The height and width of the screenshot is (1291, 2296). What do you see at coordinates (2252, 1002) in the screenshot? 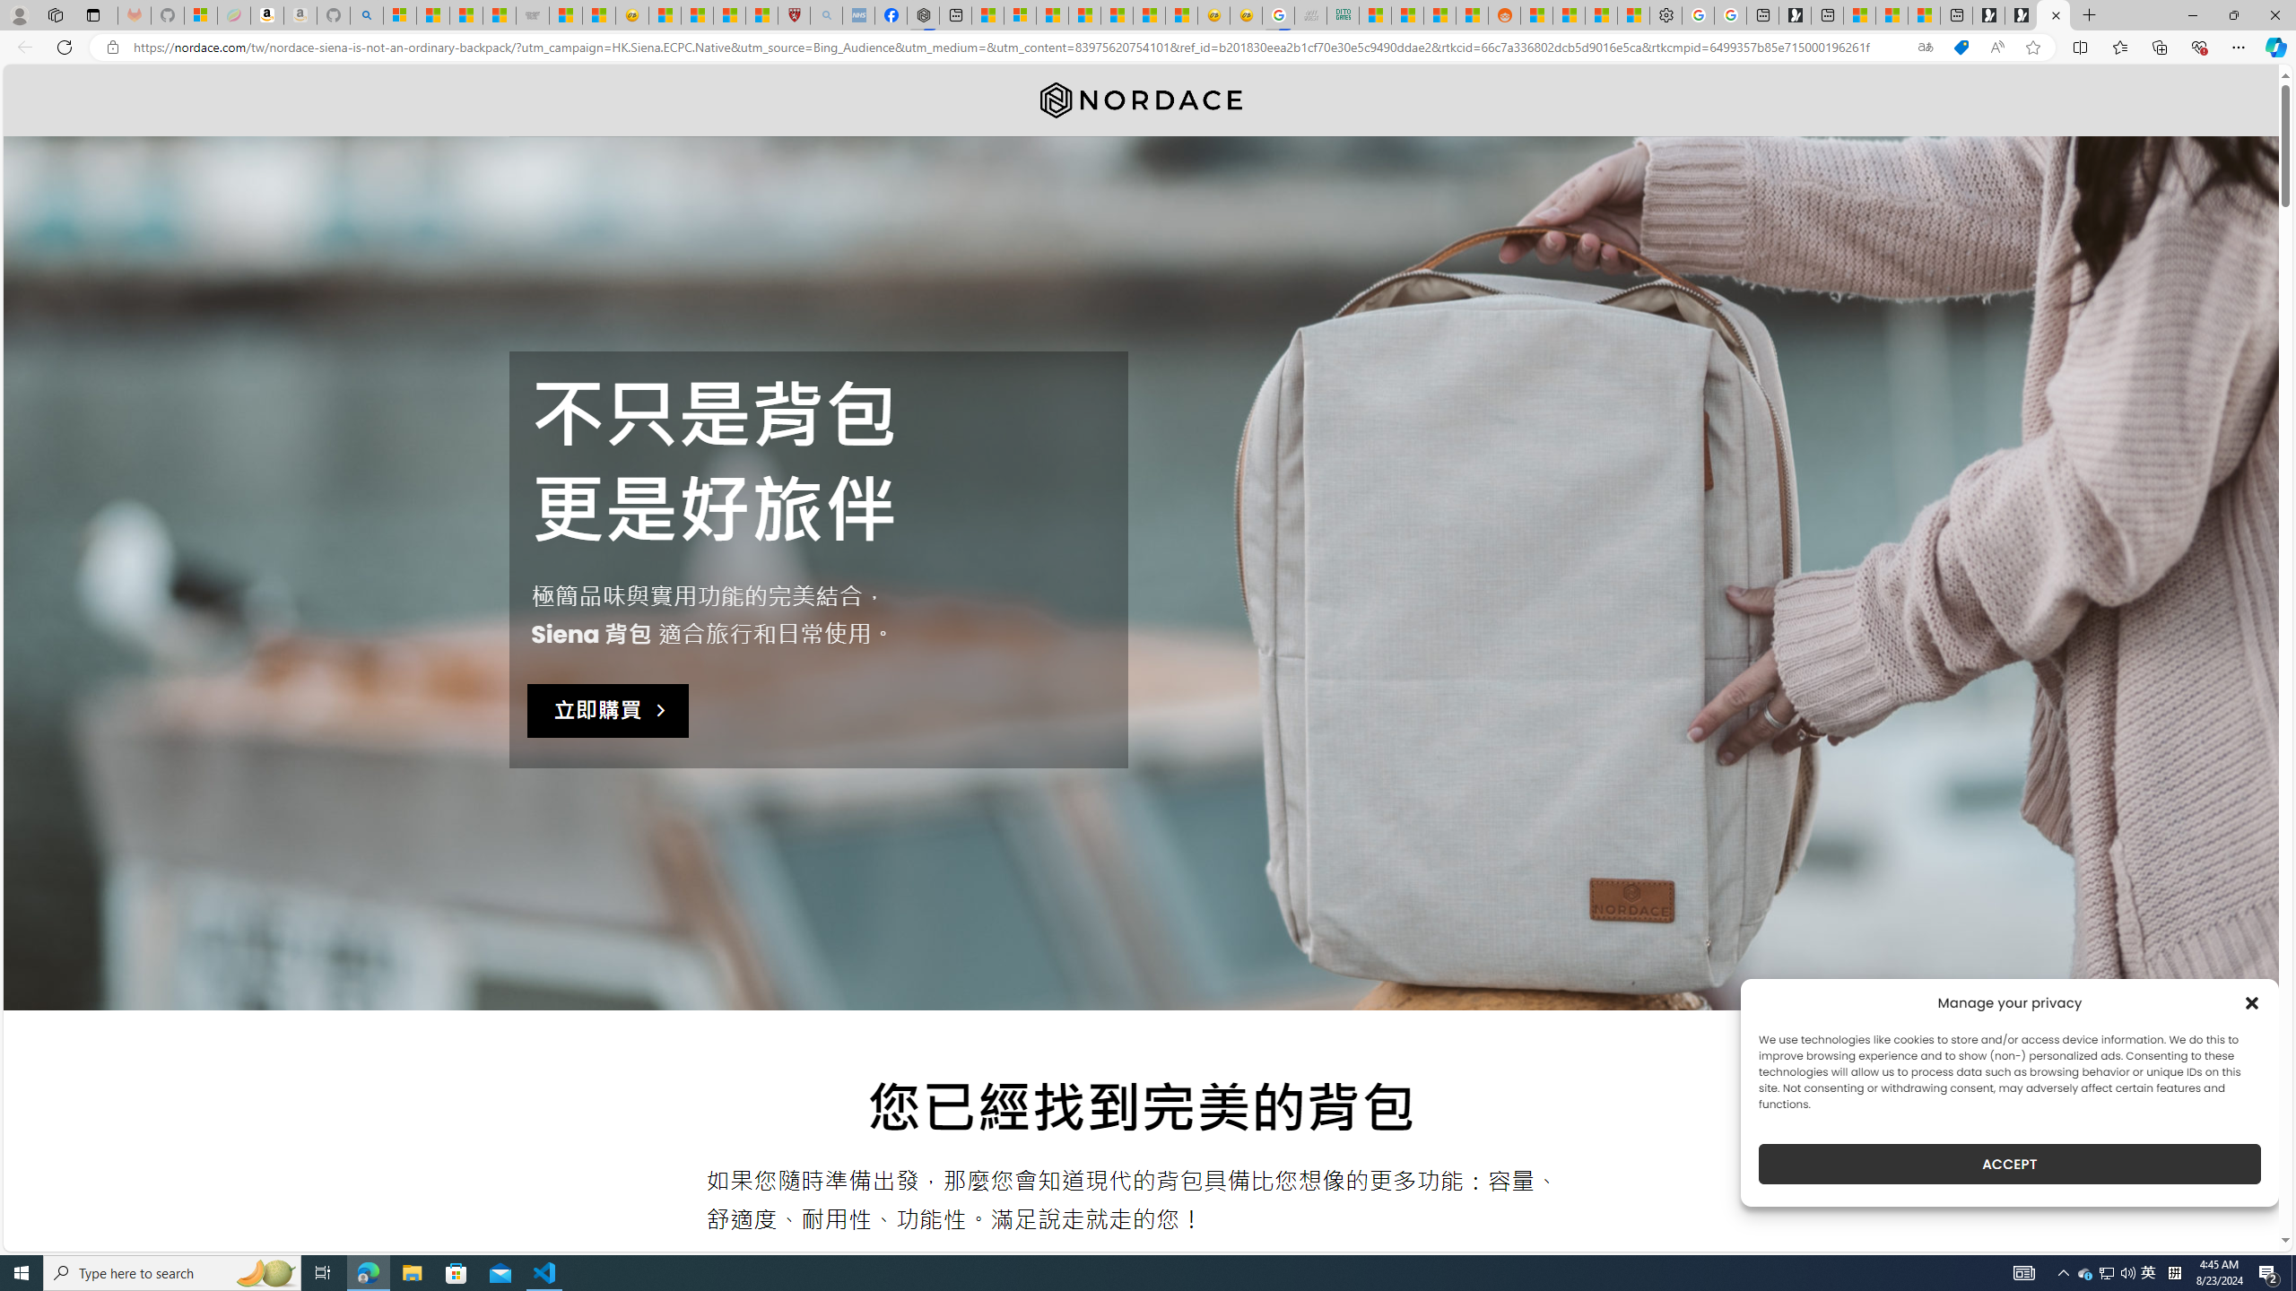
I see `'Class: cmplz-close'` at bounding box center [2252, 1002].